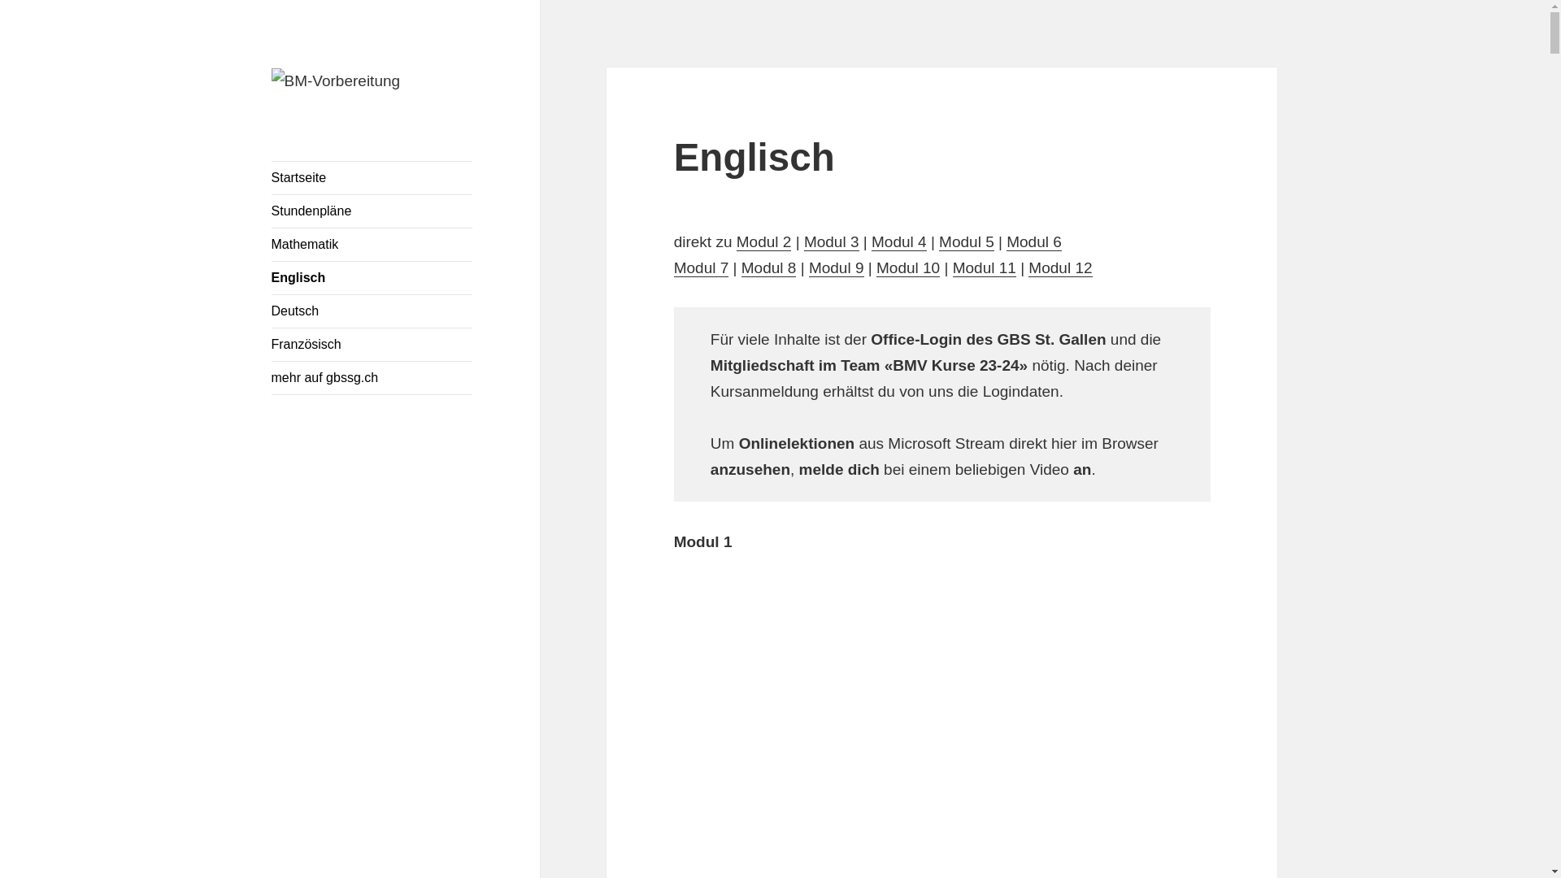  I want to click on 'Deutsch', so click(371, 311).